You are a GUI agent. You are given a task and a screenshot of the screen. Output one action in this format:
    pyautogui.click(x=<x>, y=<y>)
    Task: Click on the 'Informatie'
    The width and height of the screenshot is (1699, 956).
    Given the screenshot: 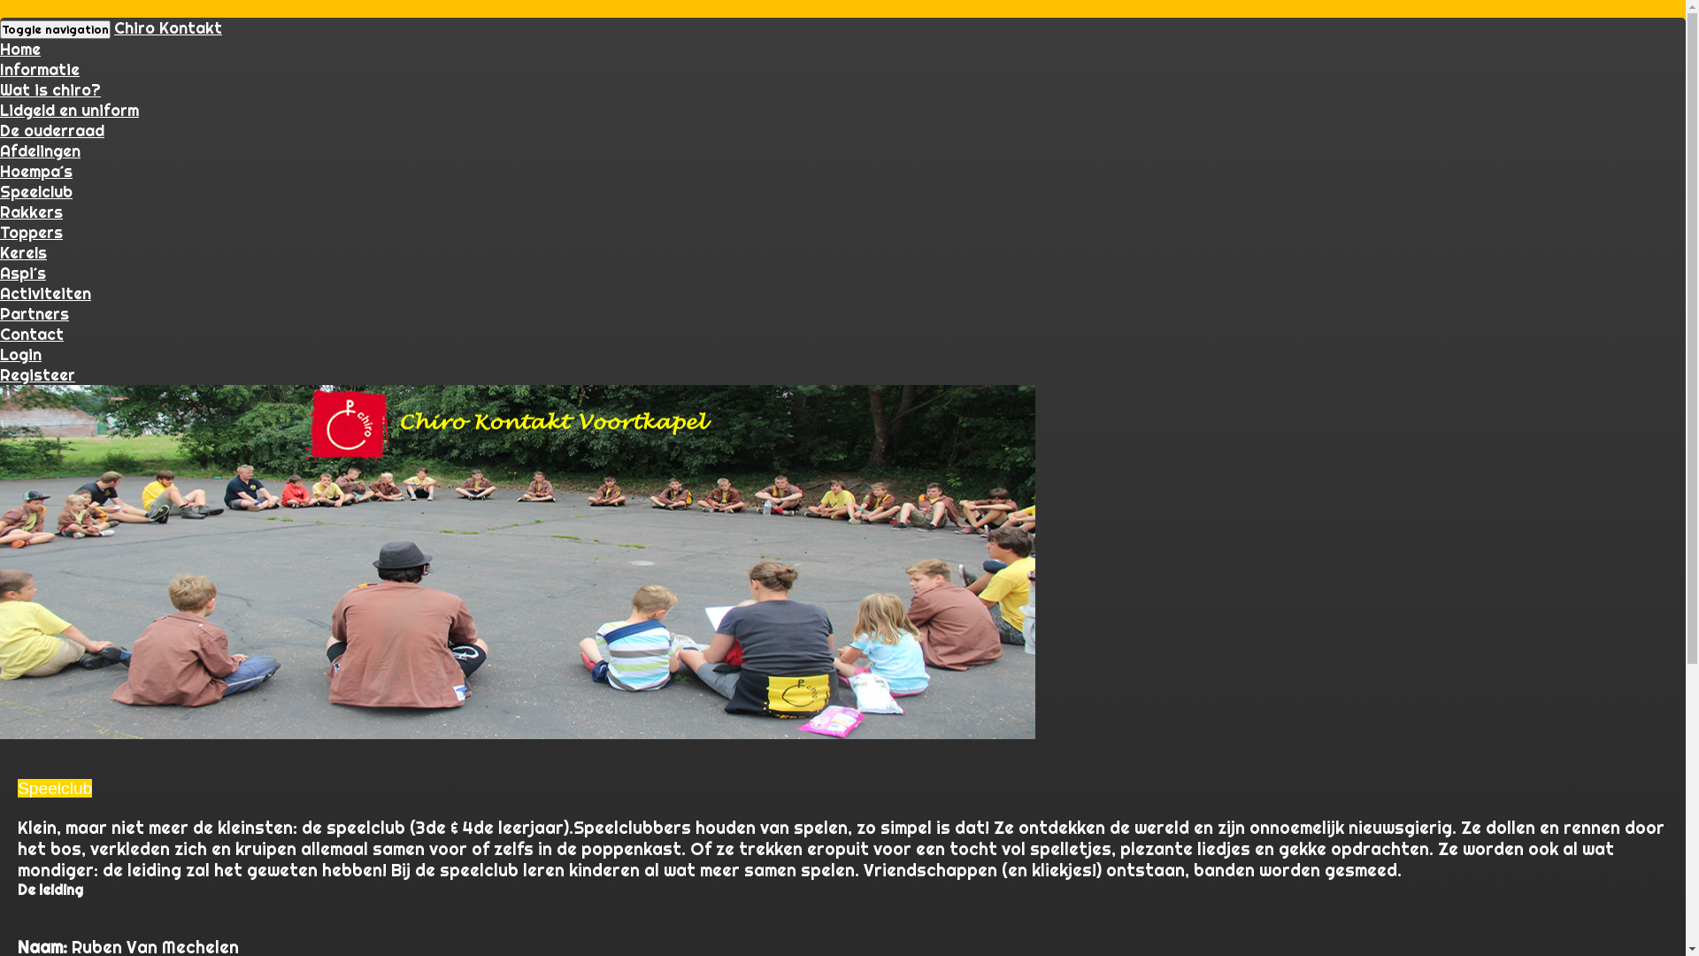 What is the action you would take?
    pyautogui.click(x=39, y=68)
    